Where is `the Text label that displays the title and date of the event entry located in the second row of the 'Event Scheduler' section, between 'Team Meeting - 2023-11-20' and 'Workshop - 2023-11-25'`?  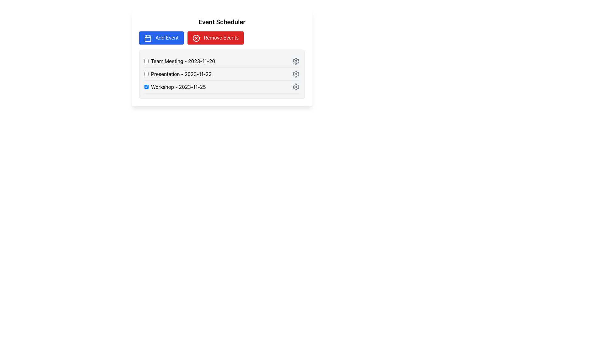 the Text label that displays the title and date of the event entry located in the second row of the 'Event Scheduler' section, between 'Team Meeting - 2023-11-20' and 'Workshop - 2023-11-25' is located at coordinates (181, 73).